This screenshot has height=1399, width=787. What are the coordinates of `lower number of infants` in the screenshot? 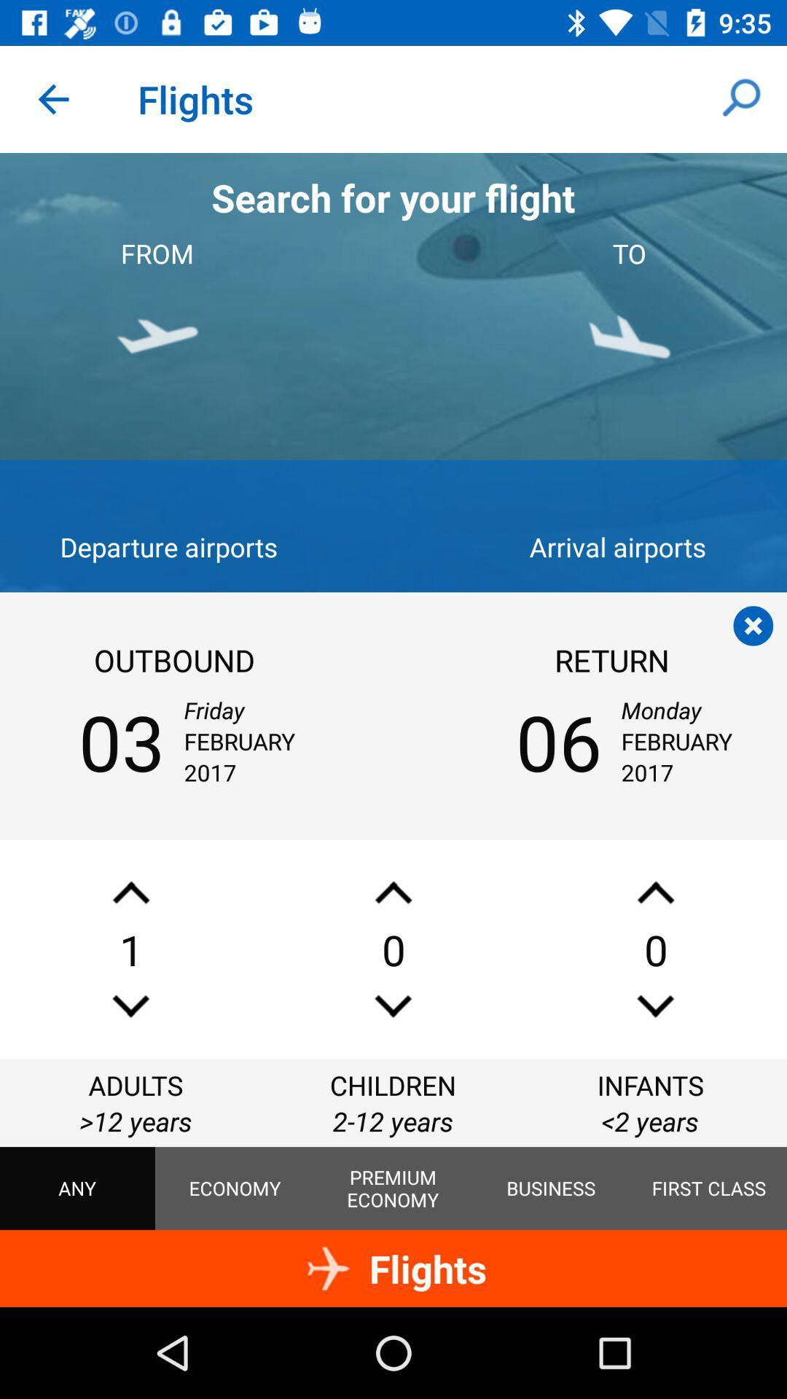 It's located at (654, 1006).